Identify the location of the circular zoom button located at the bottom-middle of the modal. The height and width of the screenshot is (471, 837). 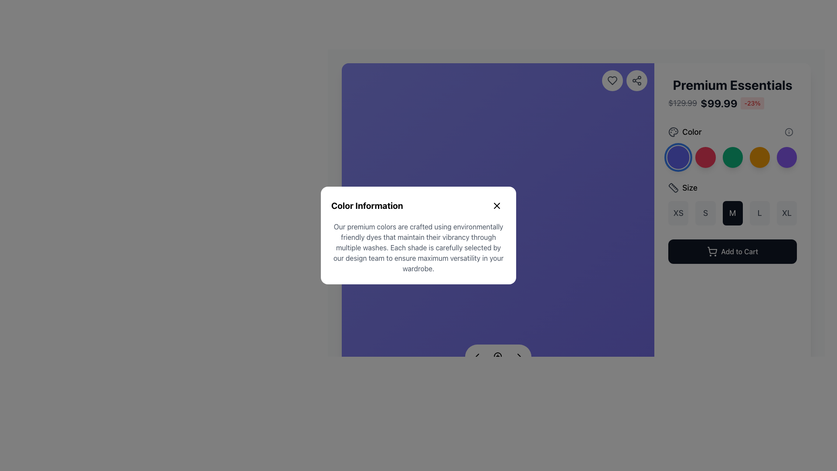
(498, 357).